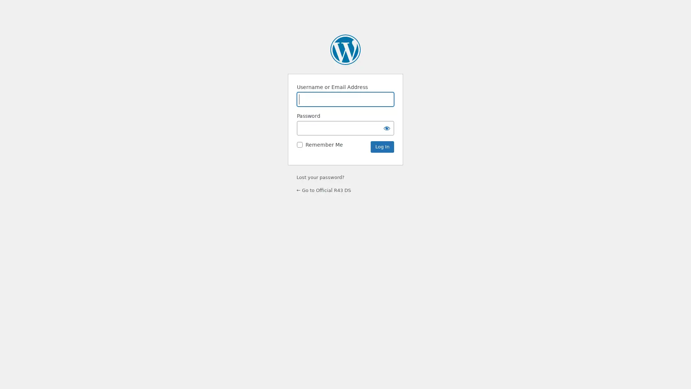 The image size is (691, 389). I want to click on Show password, so click(387, 128).